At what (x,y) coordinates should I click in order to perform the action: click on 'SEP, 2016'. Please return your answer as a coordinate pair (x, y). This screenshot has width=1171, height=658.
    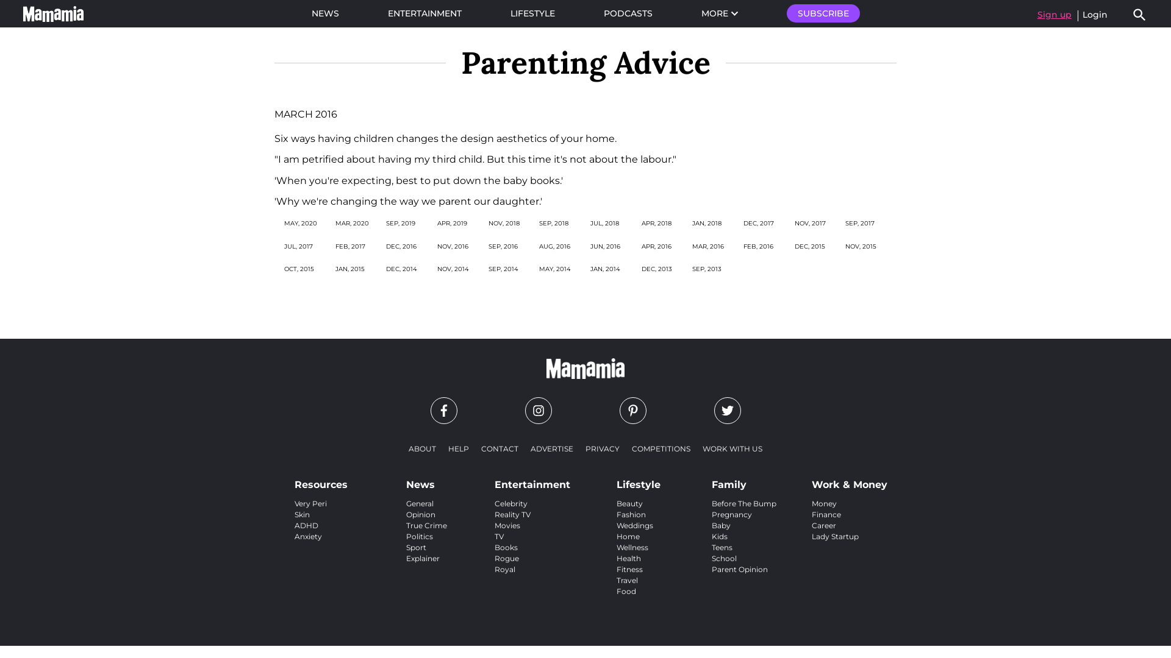
    Looking at the image, I should click on (503, 246).